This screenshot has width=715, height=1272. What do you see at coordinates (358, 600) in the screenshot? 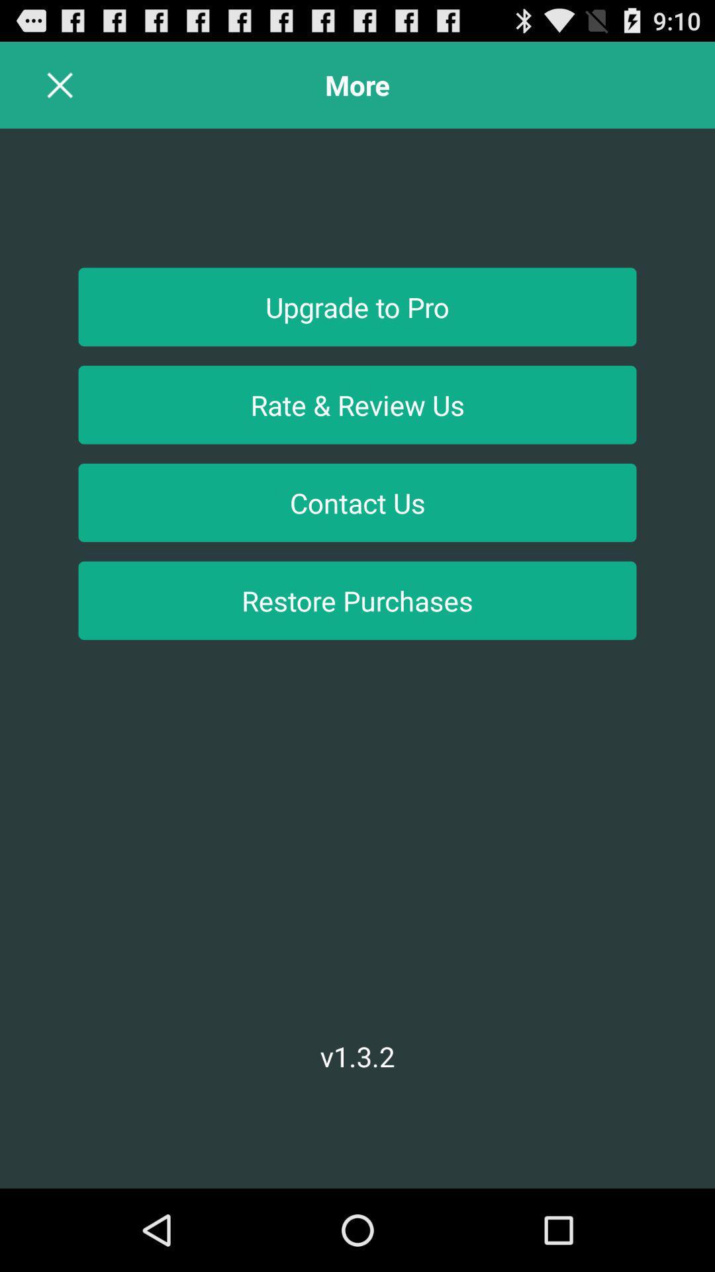
I see `the icon below contact us button` at bounding box center [358, 600].